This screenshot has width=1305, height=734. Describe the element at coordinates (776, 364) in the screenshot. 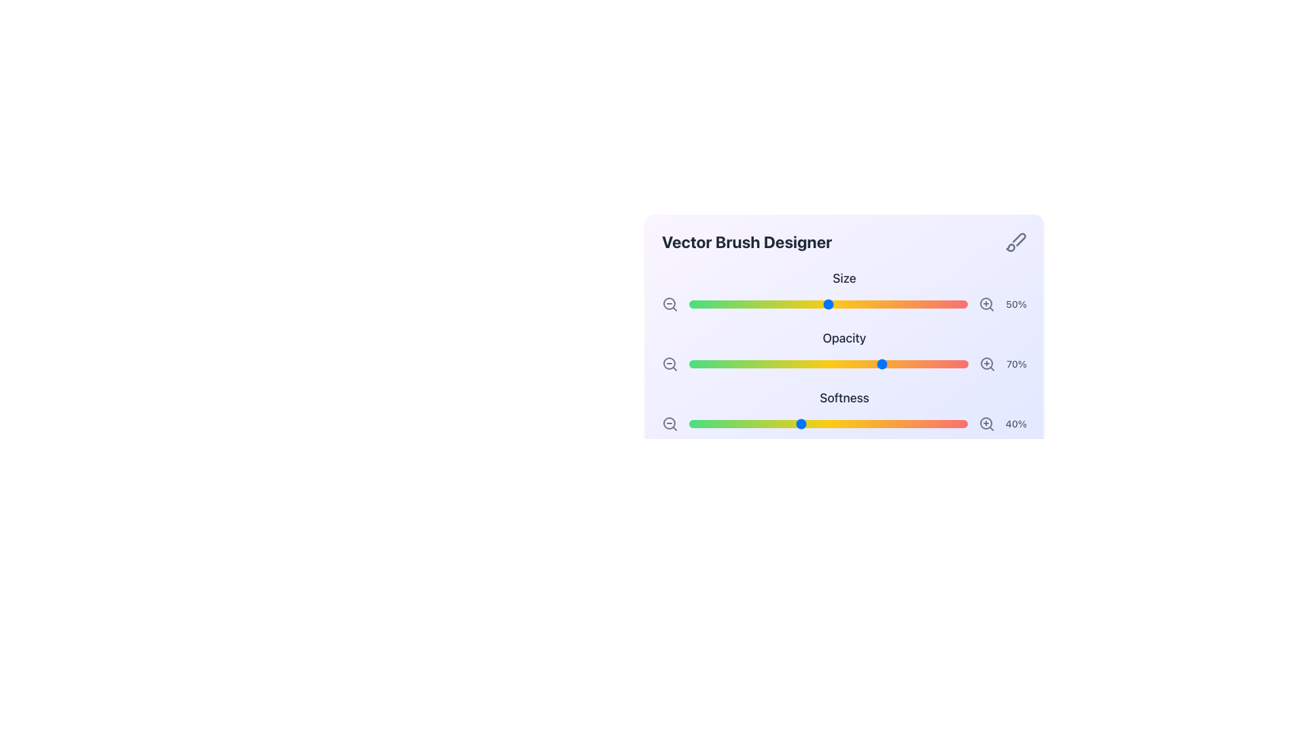

I see `opacity` at that location.